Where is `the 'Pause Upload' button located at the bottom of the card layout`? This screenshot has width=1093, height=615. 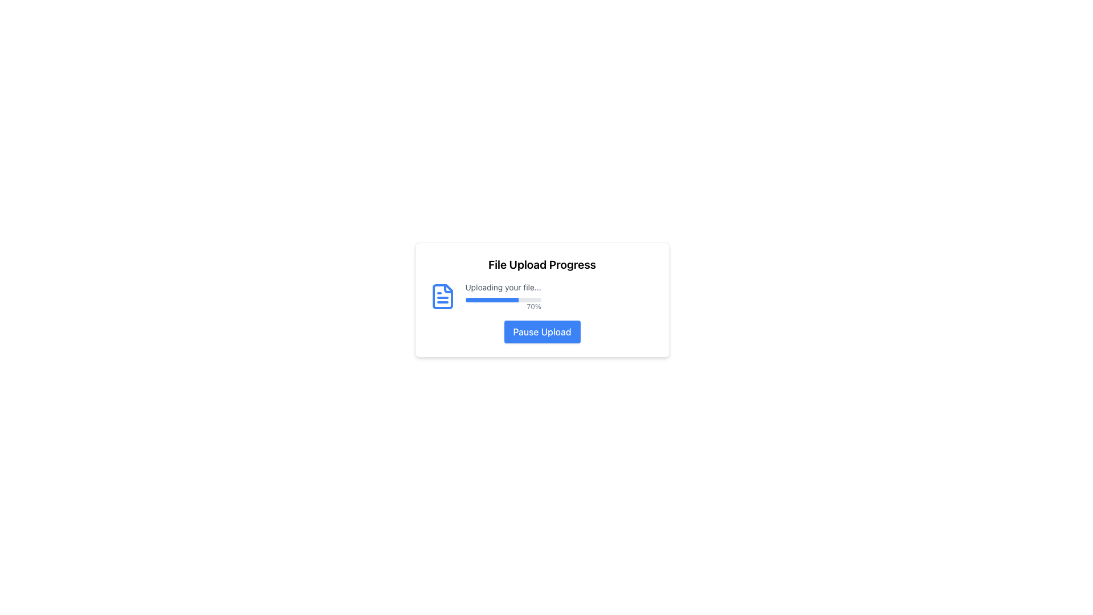
the 'Pause Upload' button located at the bottom of the card layout is located at coordinates (541, 331).